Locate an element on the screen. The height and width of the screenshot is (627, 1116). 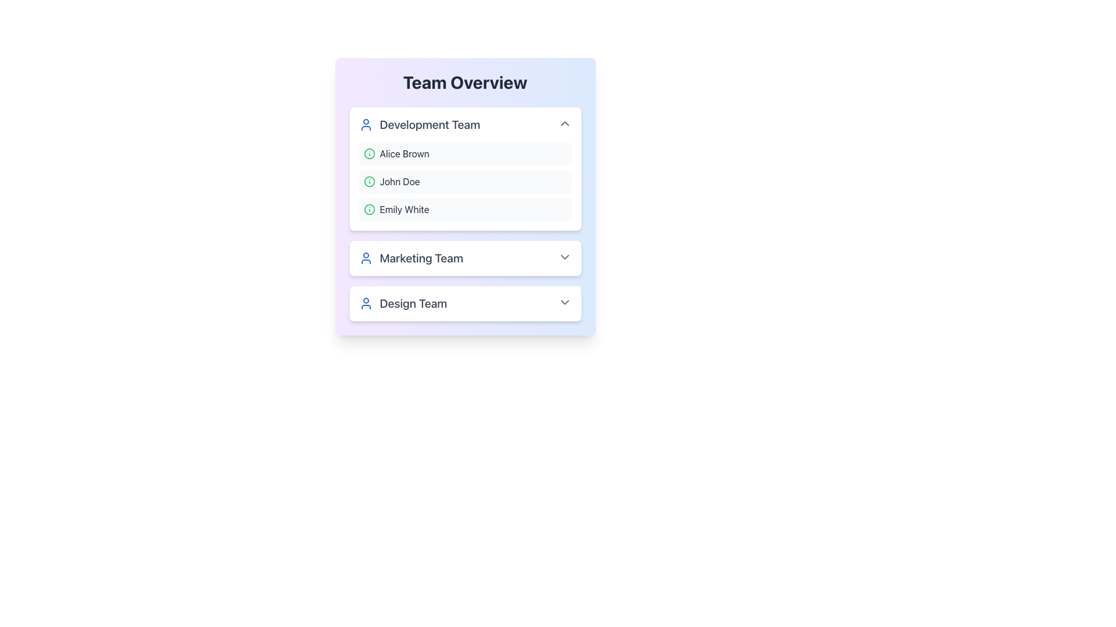
the icon representing the 'Development Team' section, which is the first element in the horizontal group containing the text 'Development Team' is located at coordinates (365, 125).